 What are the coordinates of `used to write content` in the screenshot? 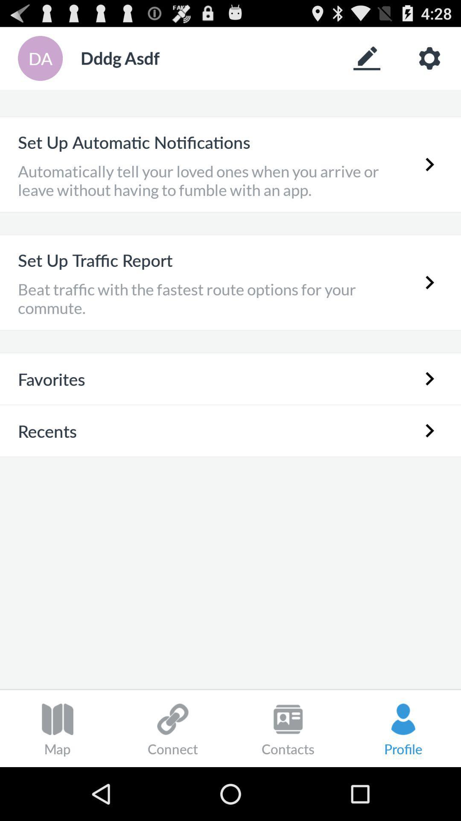 It's located at (366, 58).